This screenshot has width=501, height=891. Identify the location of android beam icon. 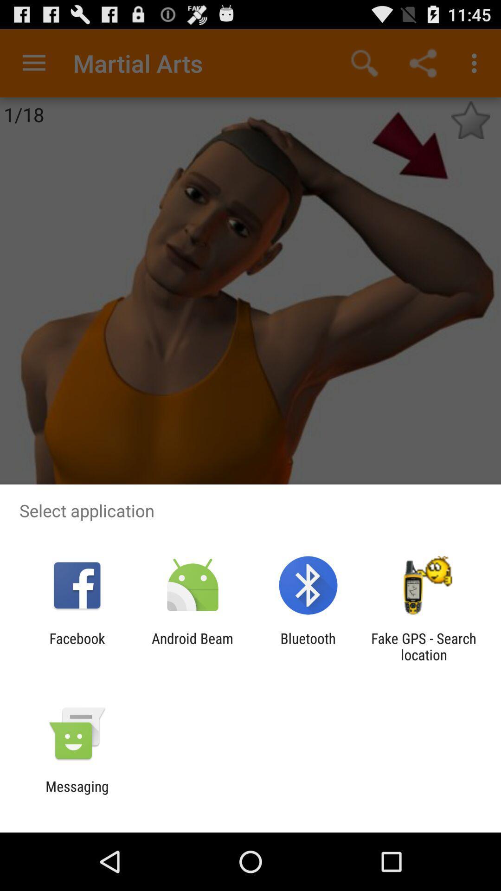
(192, 646).